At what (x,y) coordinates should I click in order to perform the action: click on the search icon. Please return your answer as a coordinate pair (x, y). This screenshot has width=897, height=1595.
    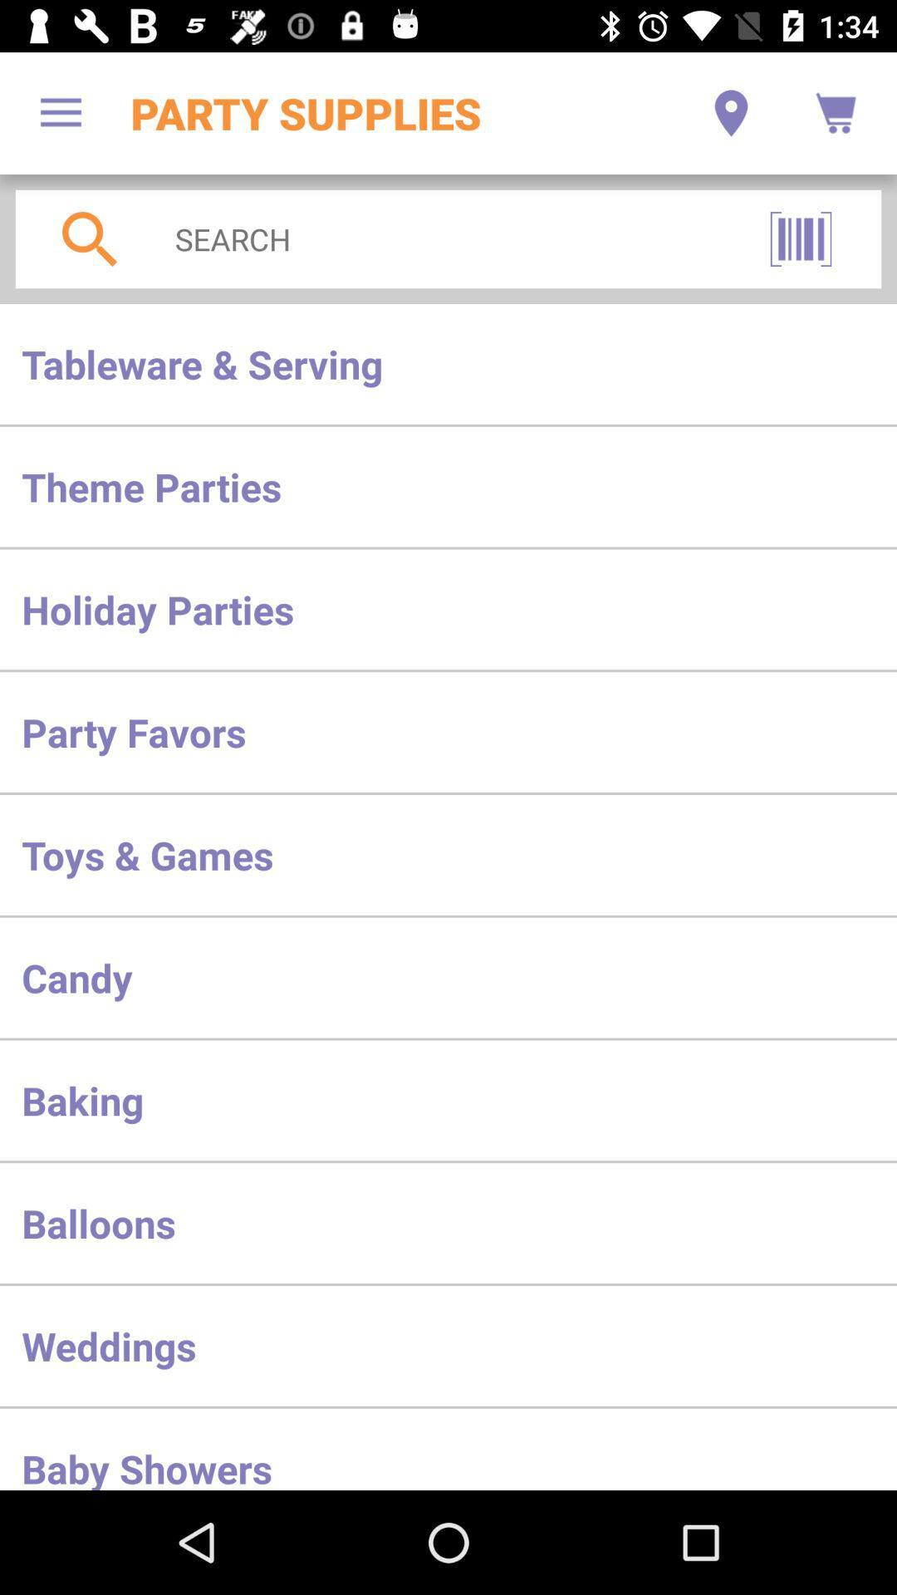
    Looking at the image, I should click on (90, 238).